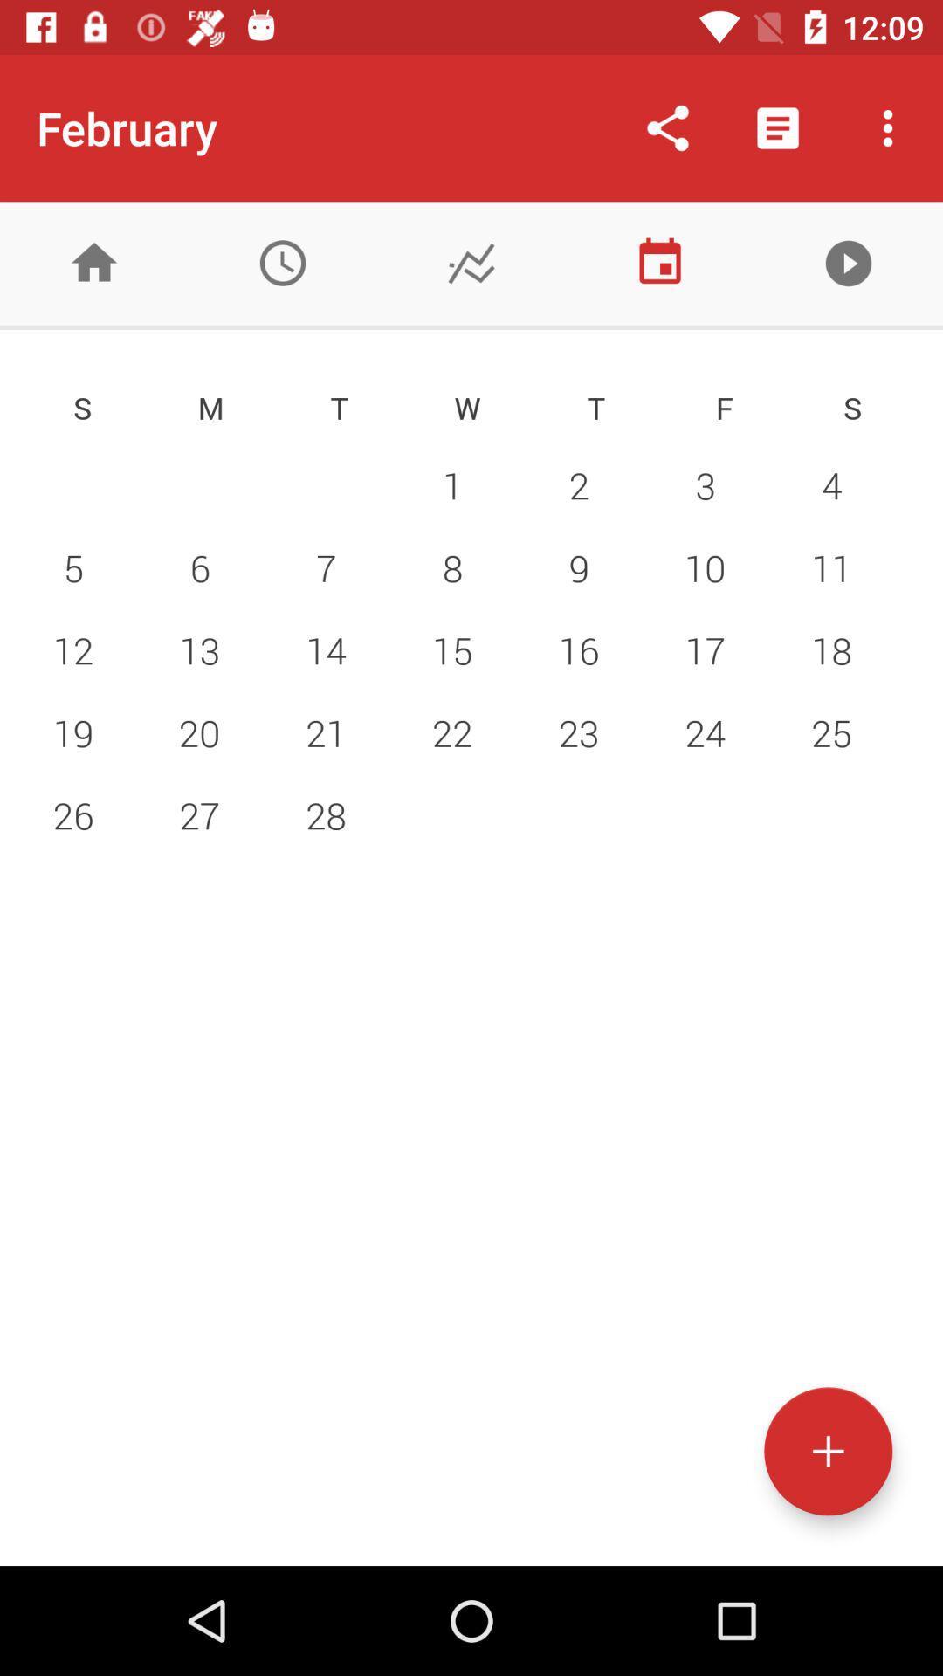 The height and width of the screenshot is (1676, 943). What do you see at coordinates (848, 262) in the screenshot?
I see `switch autoplay option` at bounding box center [848, 262].